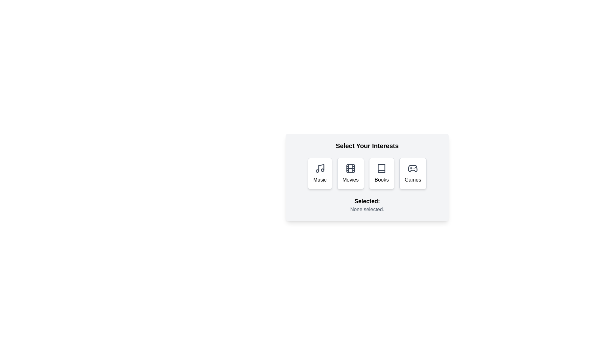 The image size is (612, 344). Describe the element at coordinates (413, 173) in the screenshot. I see `the button labeled 'Games' to observe its visual feedback` at that location.